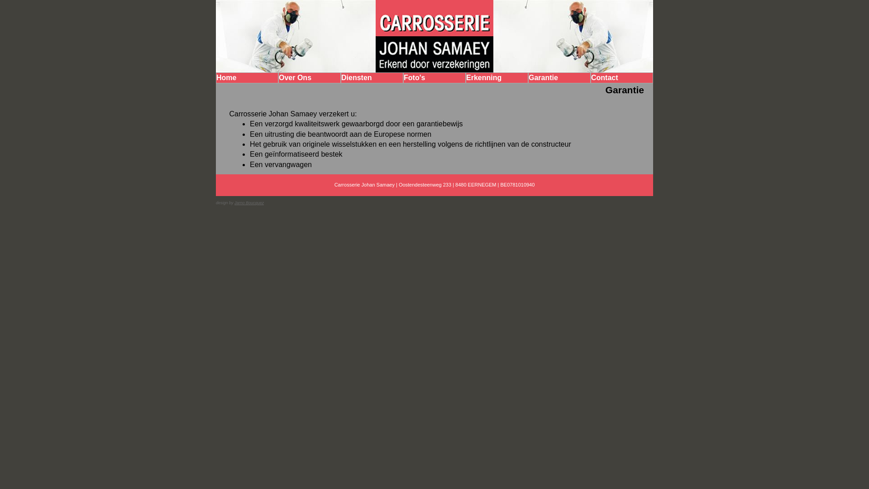 This screenshot has height=489, width=869. I want to click on 'Home', so click(247, 77).